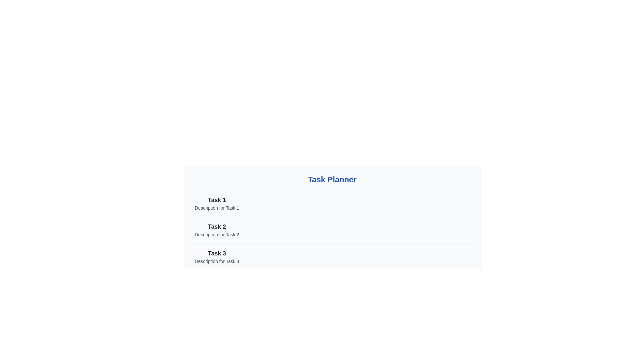 The image size is (634, 356). What do you see at coordinates (217, 203) in the screenshot?
I see `the Text Display element that shows 'Task 1' and 'Description for Task 1', positioned under the title 'Task Planner'` at bounding box center [217, 203].